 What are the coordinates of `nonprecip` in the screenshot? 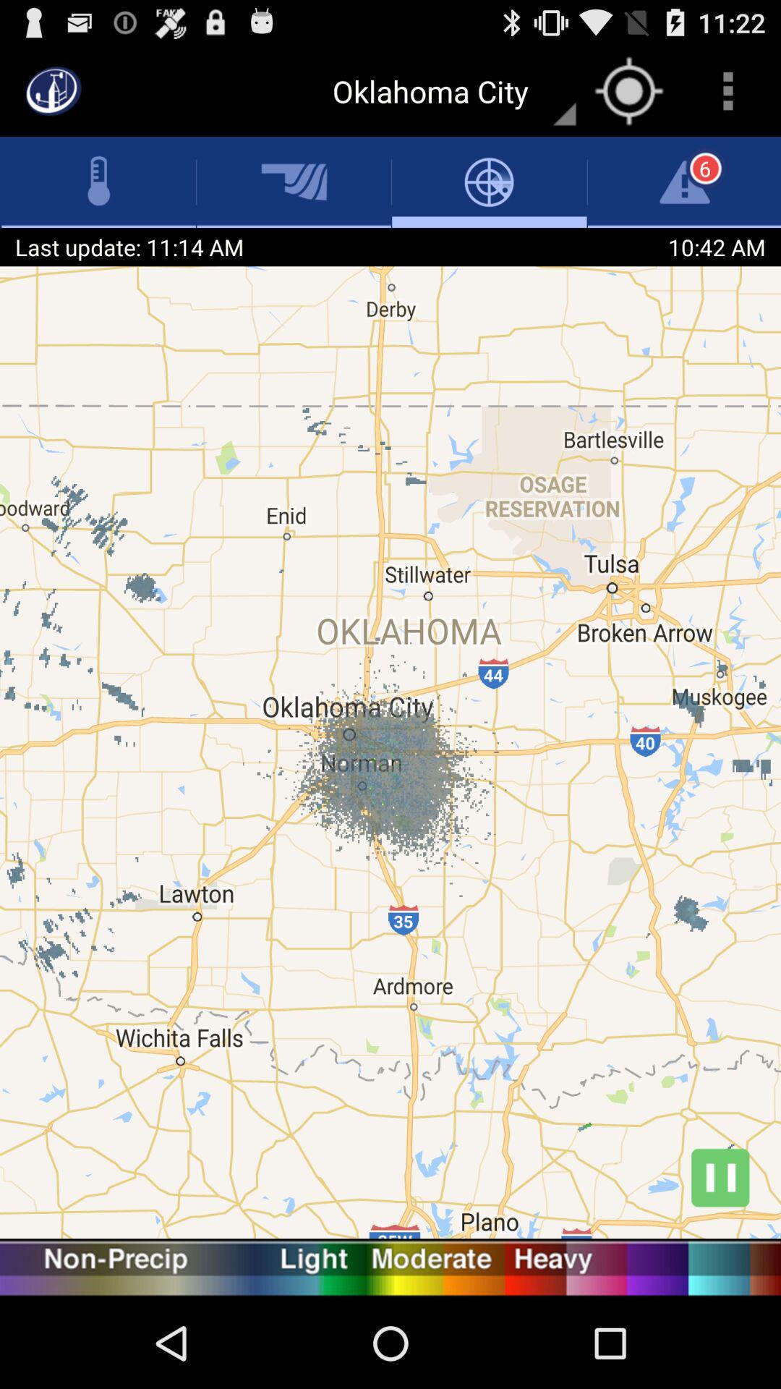 It's located at (67, 1267).